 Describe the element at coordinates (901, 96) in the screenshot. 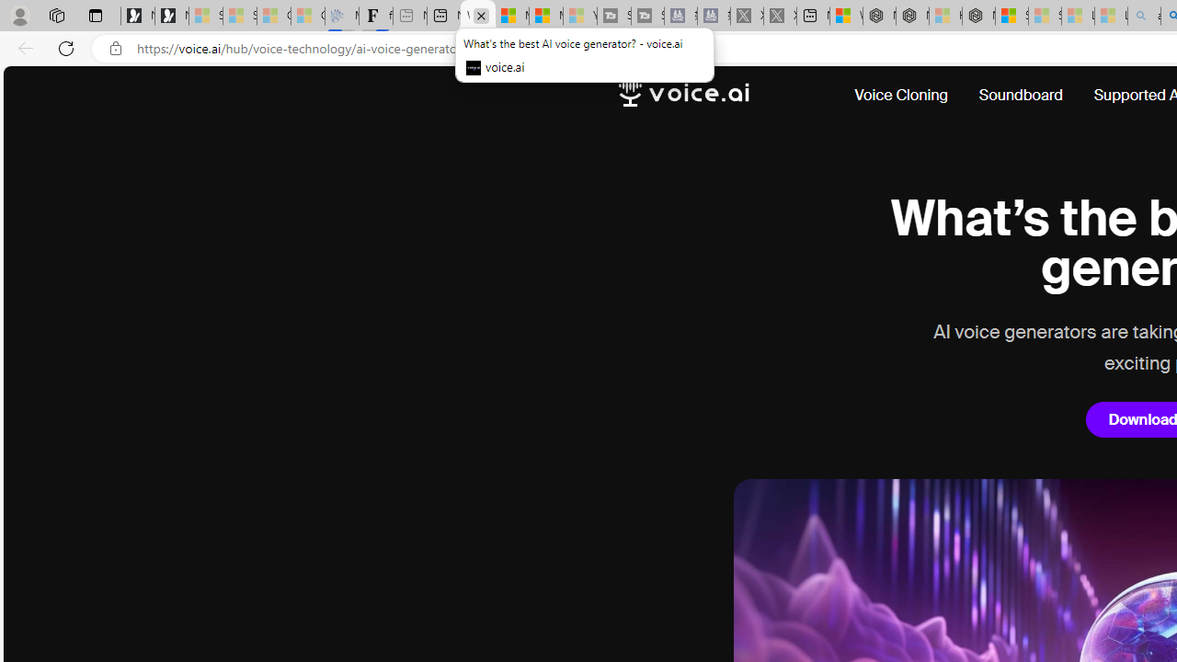

I see `'Voice Cloning'` at that location.